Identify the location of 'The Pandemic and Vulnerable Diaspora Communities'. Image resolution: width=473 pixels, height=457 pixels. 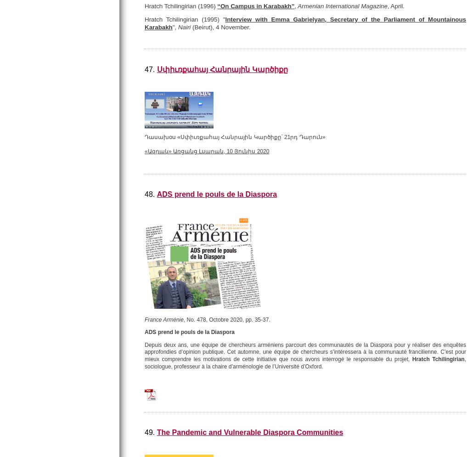
(250, 432).